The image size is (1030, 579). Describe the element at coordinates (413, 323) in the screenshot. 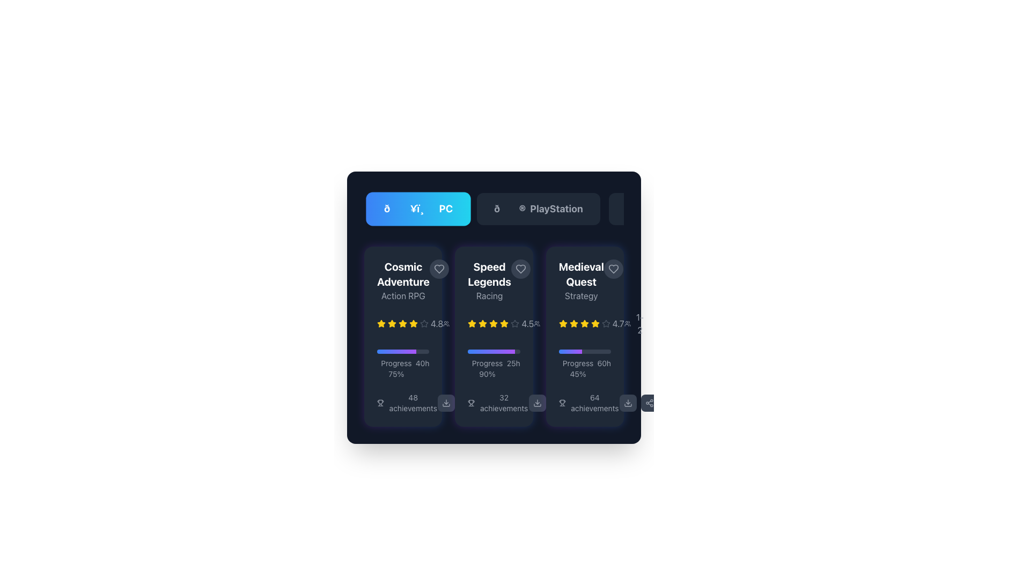

I see `the sixth star icon, which is a filled yellow star representing a rating in a sequence of star icons, located to the right of the text '4.8'` at that location.